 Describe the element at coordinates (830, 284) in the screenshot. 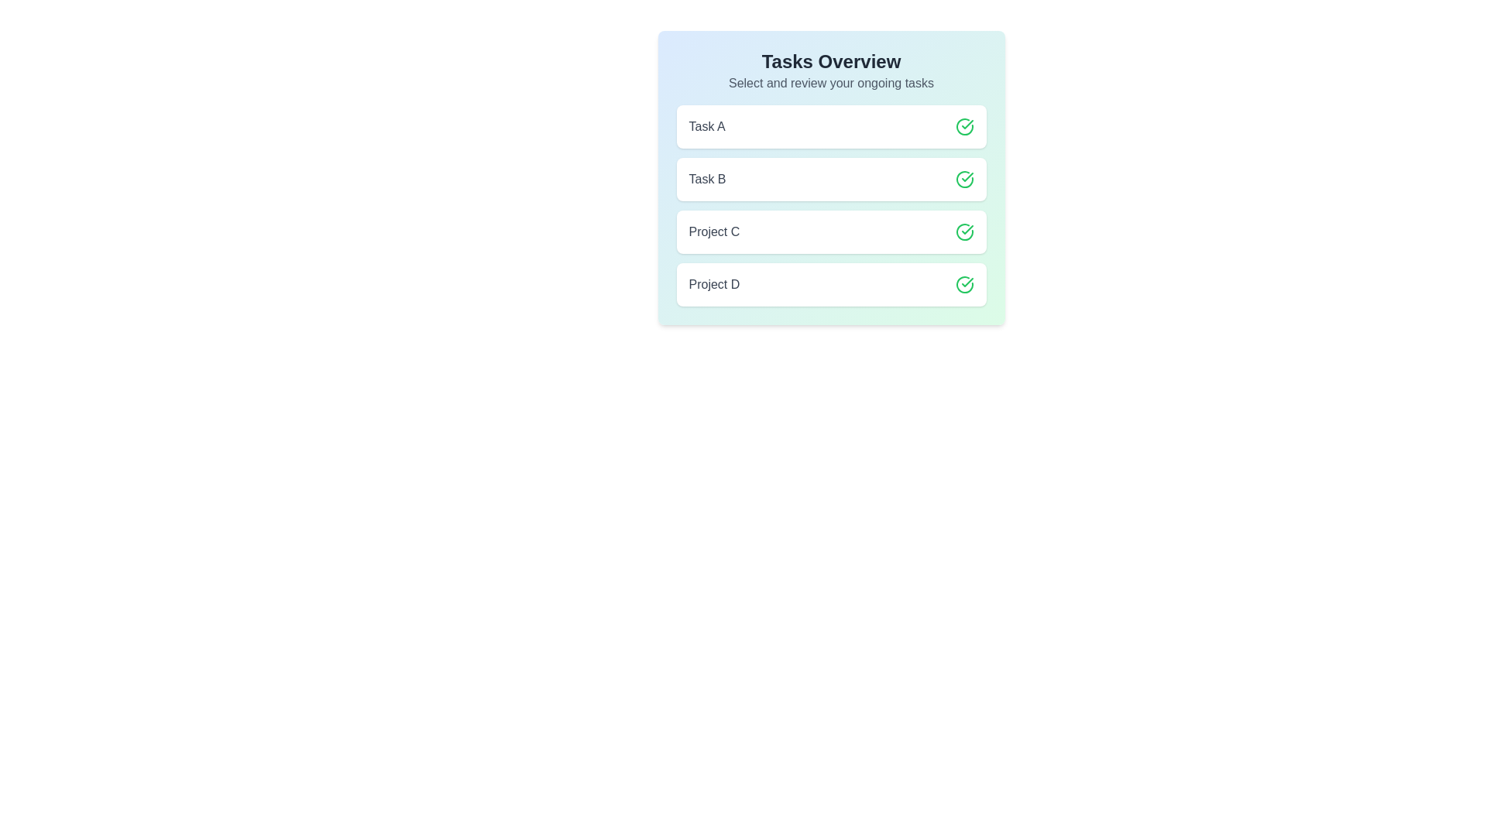

I see `the item Project D from the list` at that location.